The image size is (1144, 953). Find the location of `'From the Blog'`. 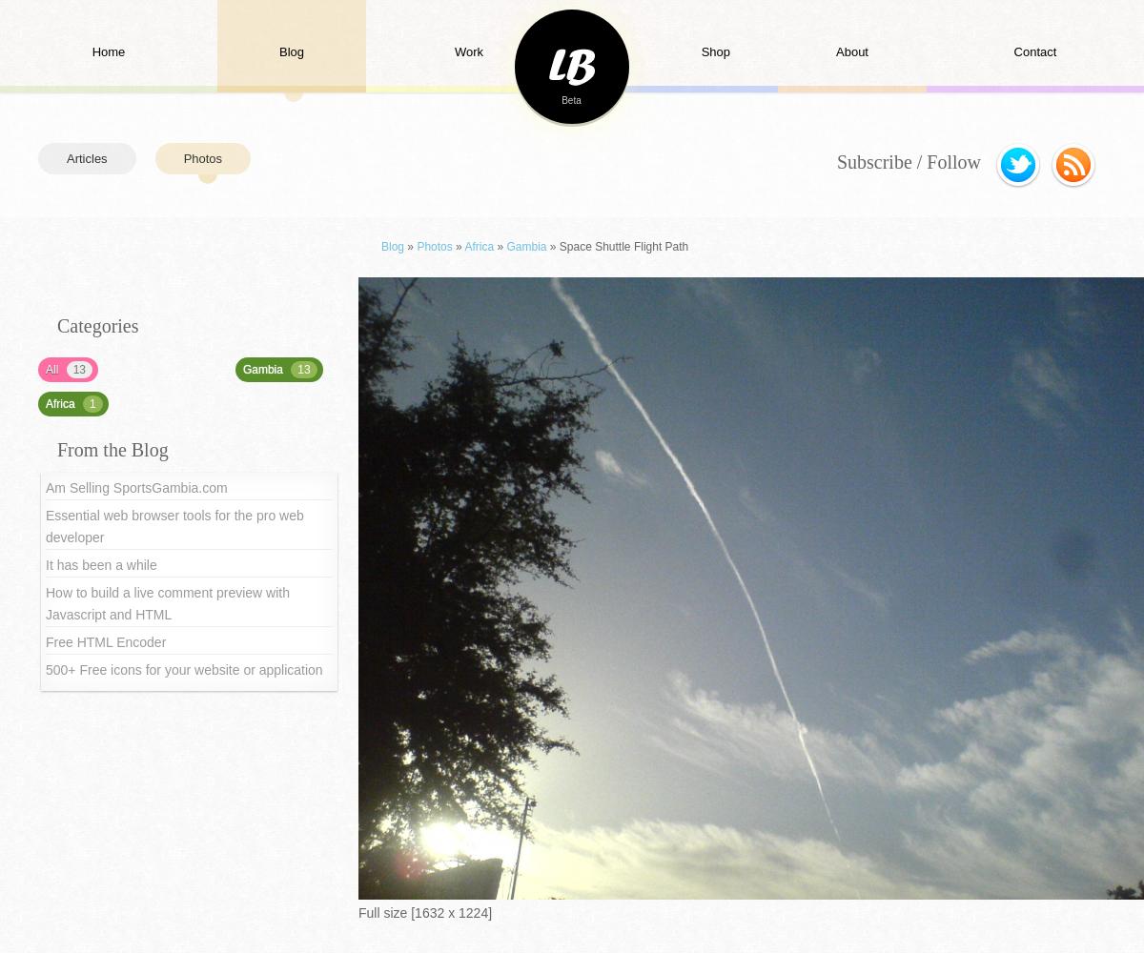

'From the Blog' is located at coordinates (112, 449).